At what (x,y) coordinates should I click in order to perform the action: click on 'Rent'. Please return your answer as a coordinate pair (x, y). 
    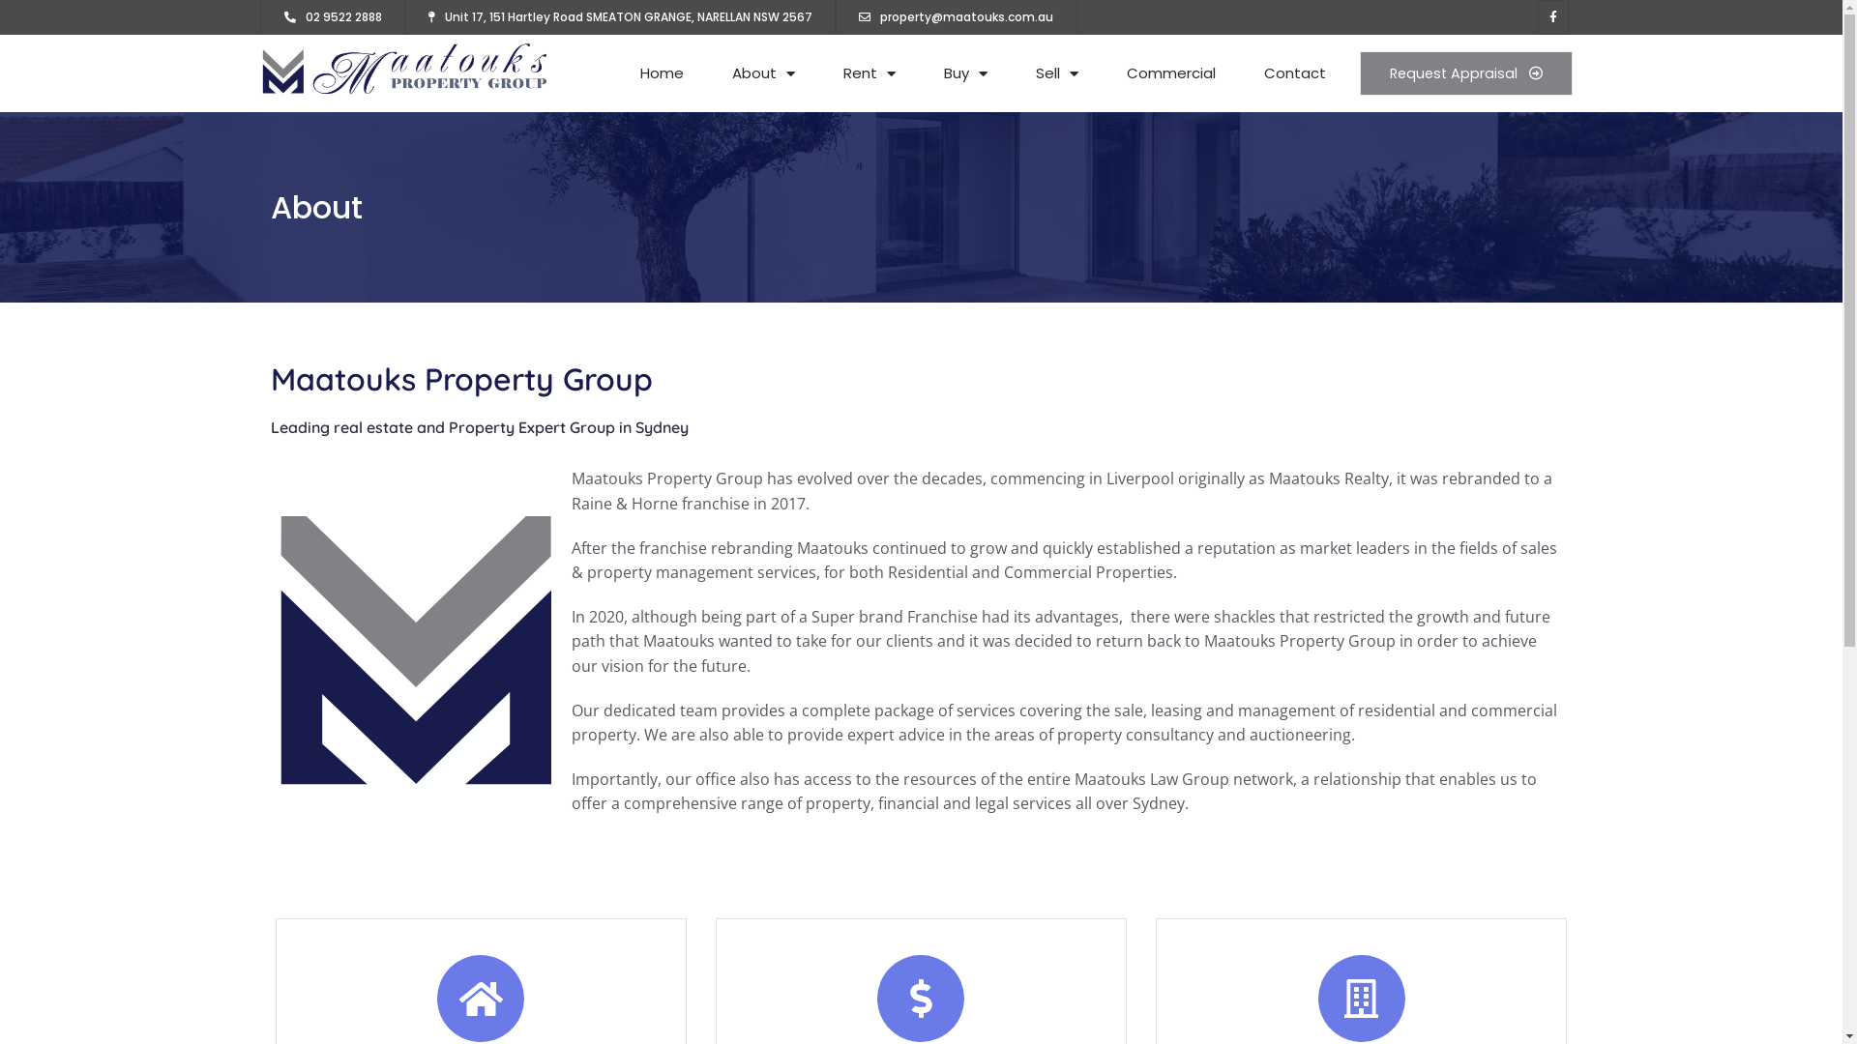
    Looking at the image, I should click on (868, 72).